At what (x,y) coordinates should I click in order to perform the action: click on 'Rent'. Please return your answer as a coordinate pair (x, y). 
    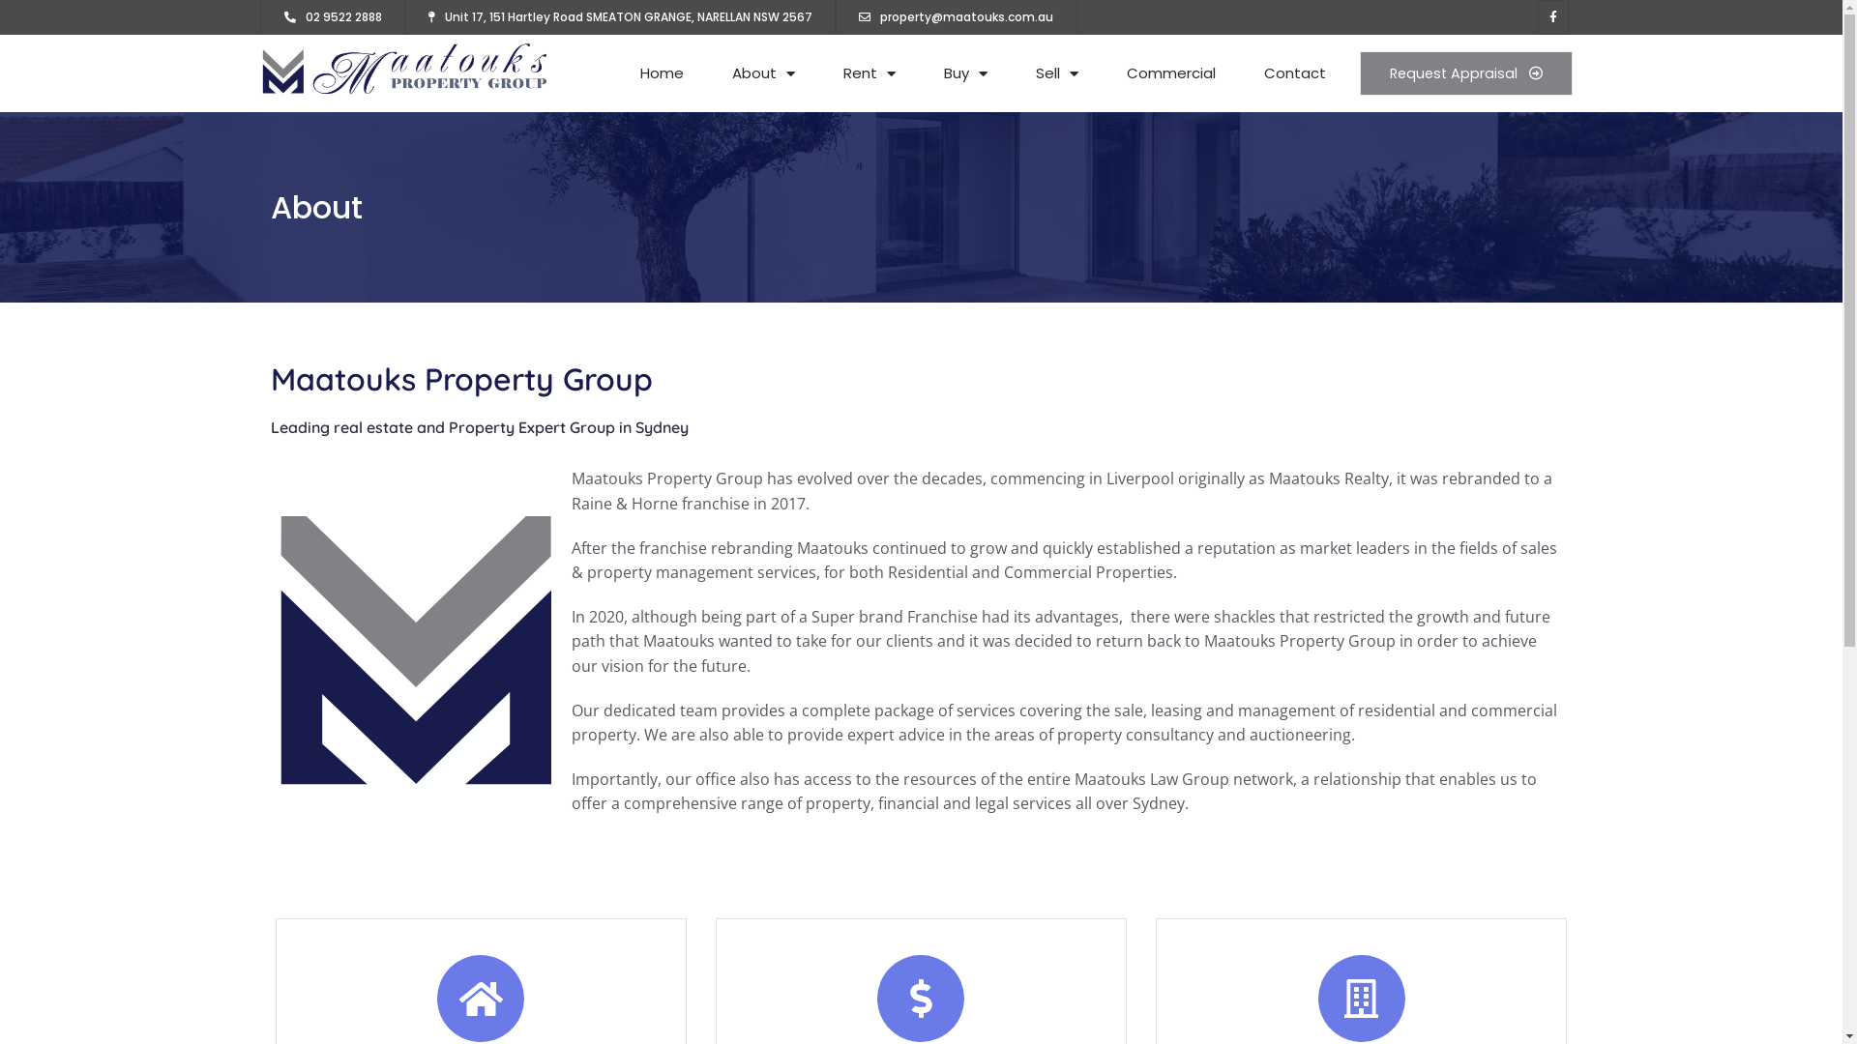
    Looking at the image, I should click on (868, 72).